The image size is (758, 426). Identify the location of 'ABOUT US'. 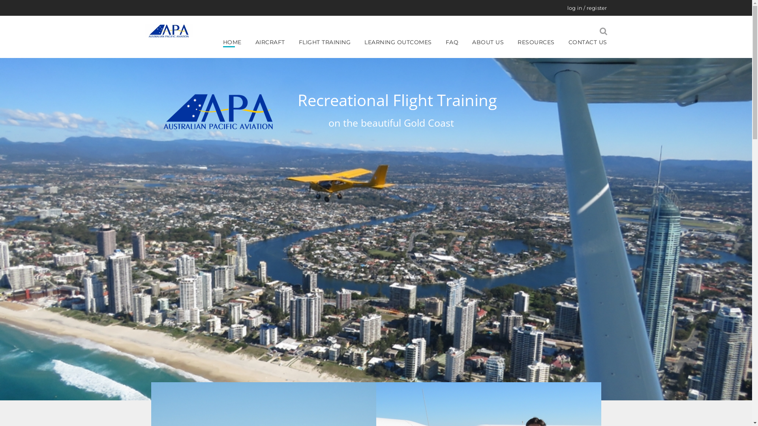
(472, 42).